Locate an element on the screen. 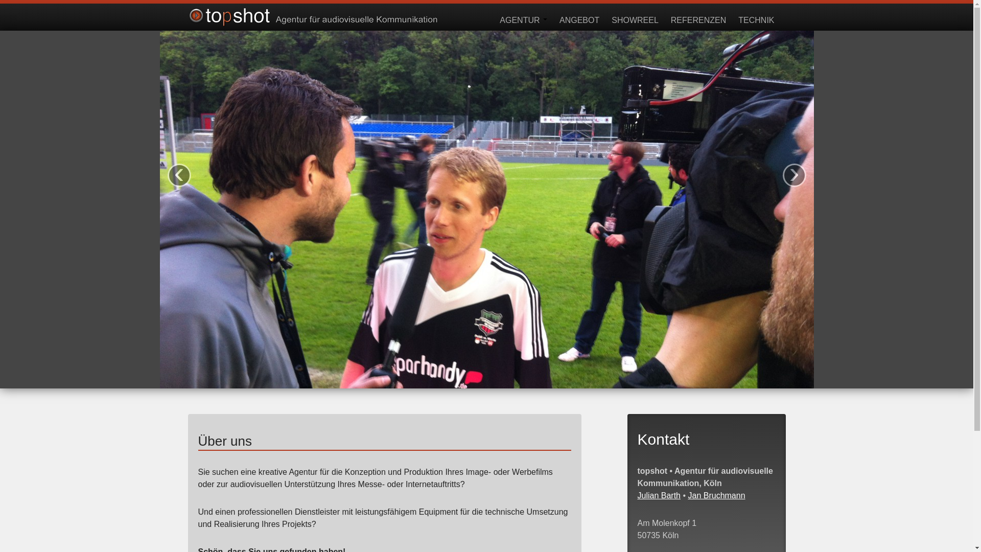  'Jan Bruchmann' is located at coordinates (715, 495).